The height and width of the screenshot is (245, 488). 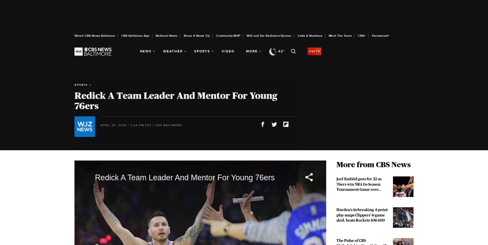 What do you see at coordinates (380, 35) in the screenshot?
I see `'Paramount+'` at bounding box center [380, 35].